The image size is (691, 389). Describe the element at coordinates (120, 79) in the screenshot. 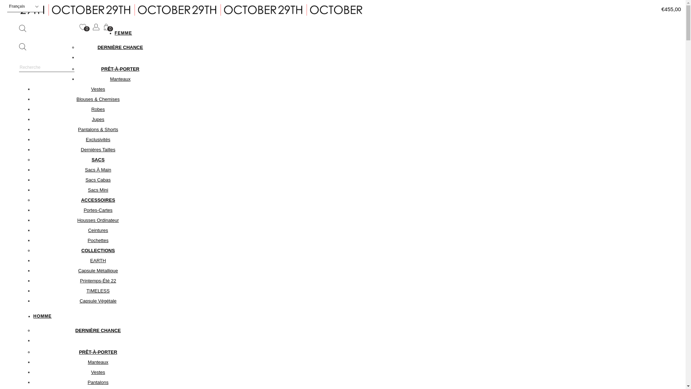

I see `'Manteaux'` at that location.